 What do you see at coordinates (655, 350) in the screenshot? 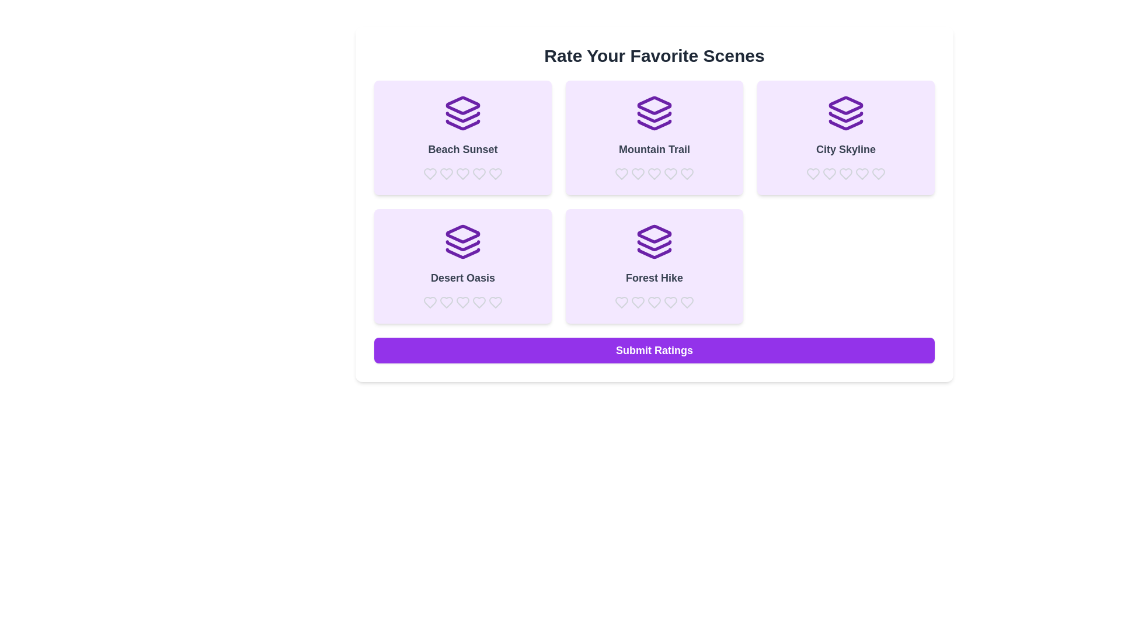
I see `'Submit Ratings' button to submit the ratings` at bounding box center [655, 350].